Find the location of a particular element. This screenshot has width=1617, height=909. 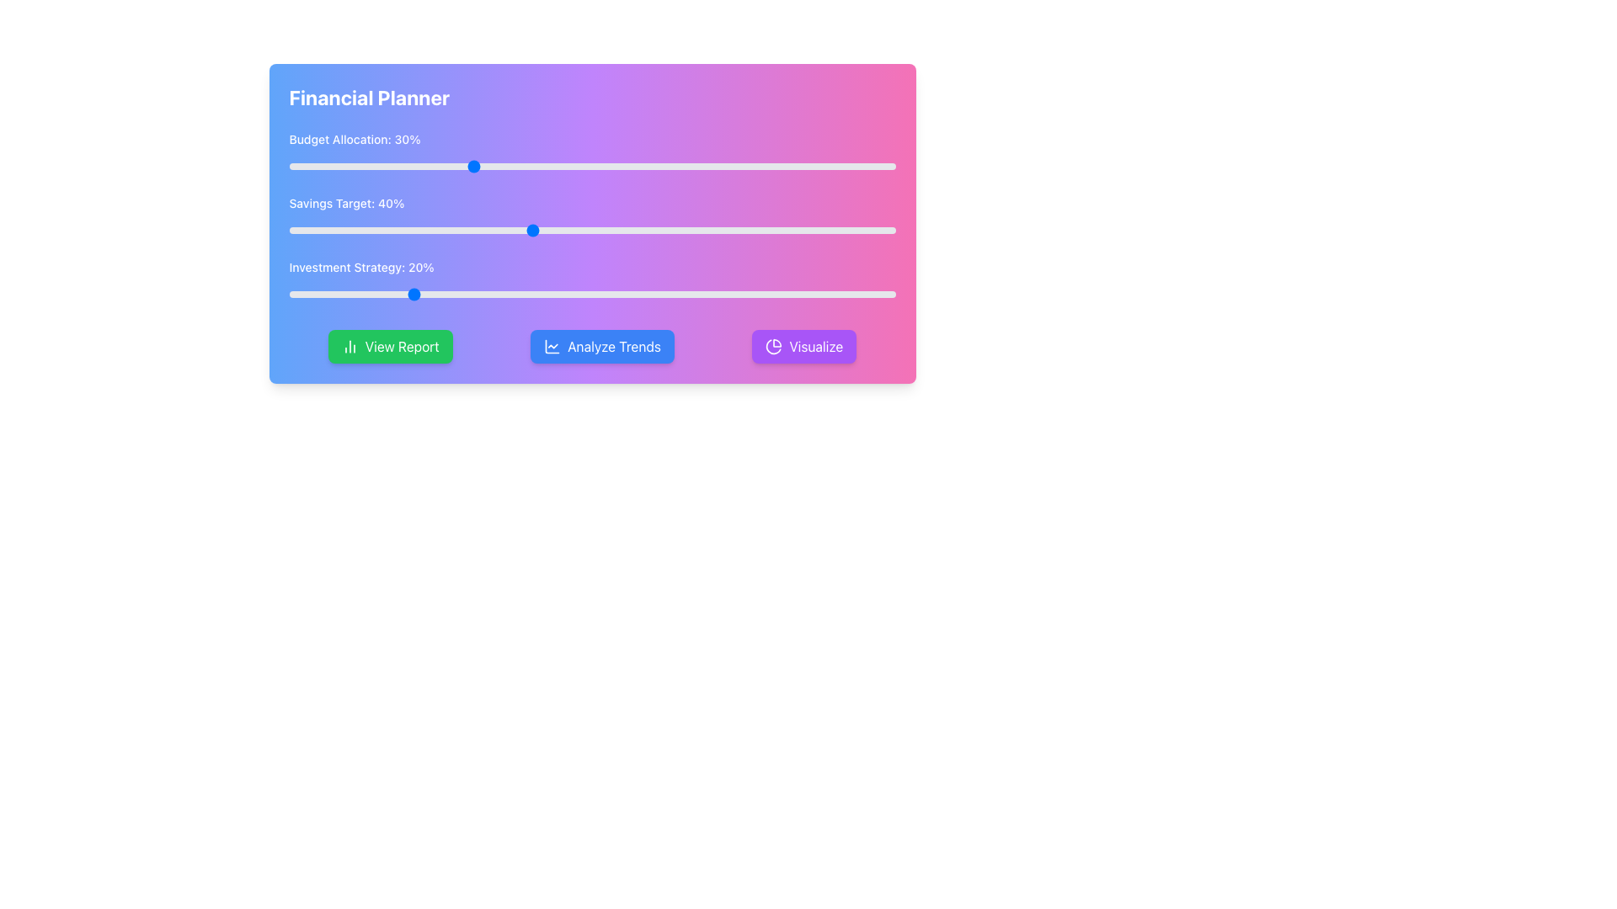

the blue button labeled 'Analyze Trends' with a line chart icon, located below the 'Financial Planner' section, to observe styling changes is located at coordinates (602, 346).